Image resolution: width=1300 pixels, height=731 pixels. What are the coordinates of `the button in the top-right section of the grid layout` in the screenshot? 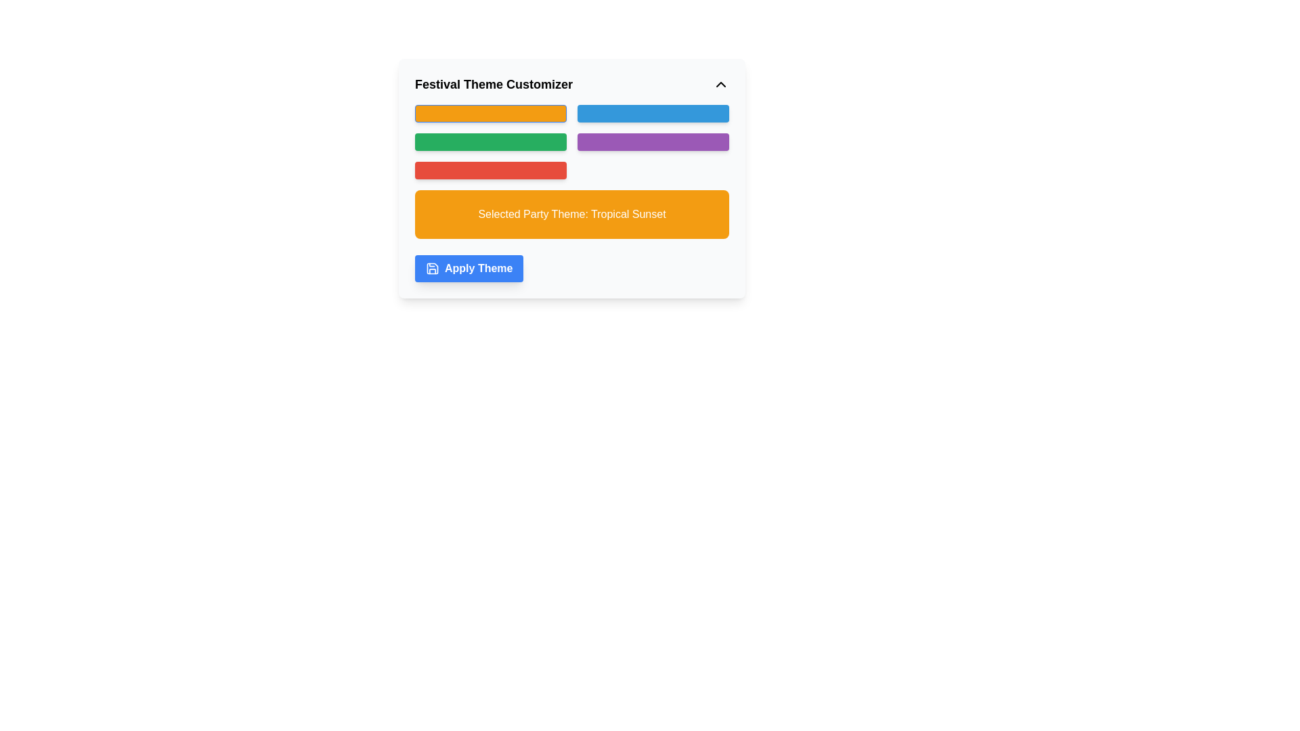 It's located at (653, 113).